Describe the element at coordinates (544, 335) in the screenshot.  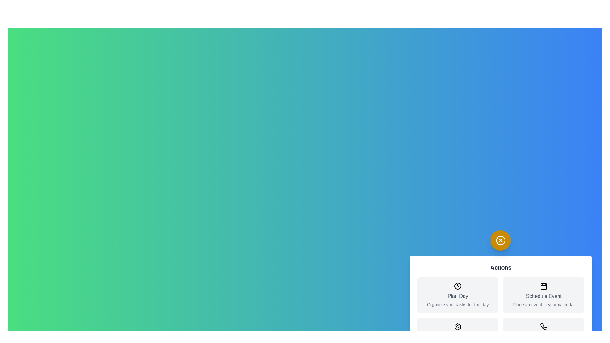
I see `the action item Contact from the menu` at that location.